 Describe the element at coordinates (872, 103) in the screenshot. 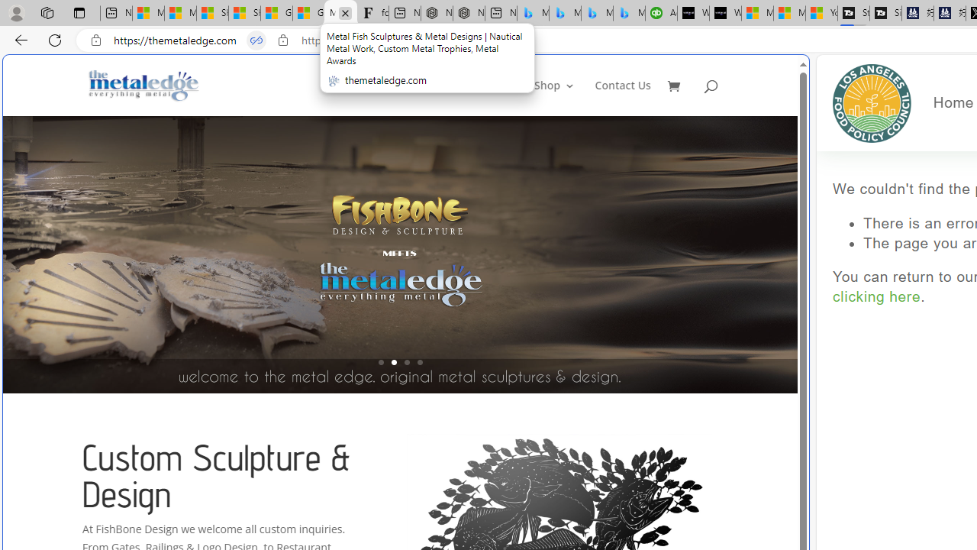

I see `'Los Angeles Food Policy Council'` at that location.